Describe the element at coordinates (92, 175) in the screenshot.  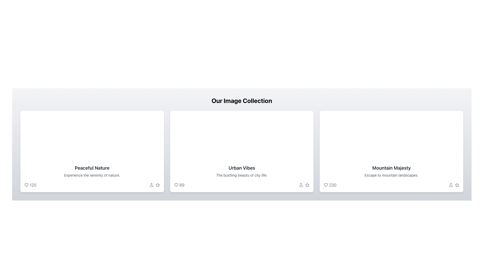
I see `descriptive text element that provides details about the card's content, located below the title 'Peaceful Nature' in the leftmost card of a three-card layout` at that location.